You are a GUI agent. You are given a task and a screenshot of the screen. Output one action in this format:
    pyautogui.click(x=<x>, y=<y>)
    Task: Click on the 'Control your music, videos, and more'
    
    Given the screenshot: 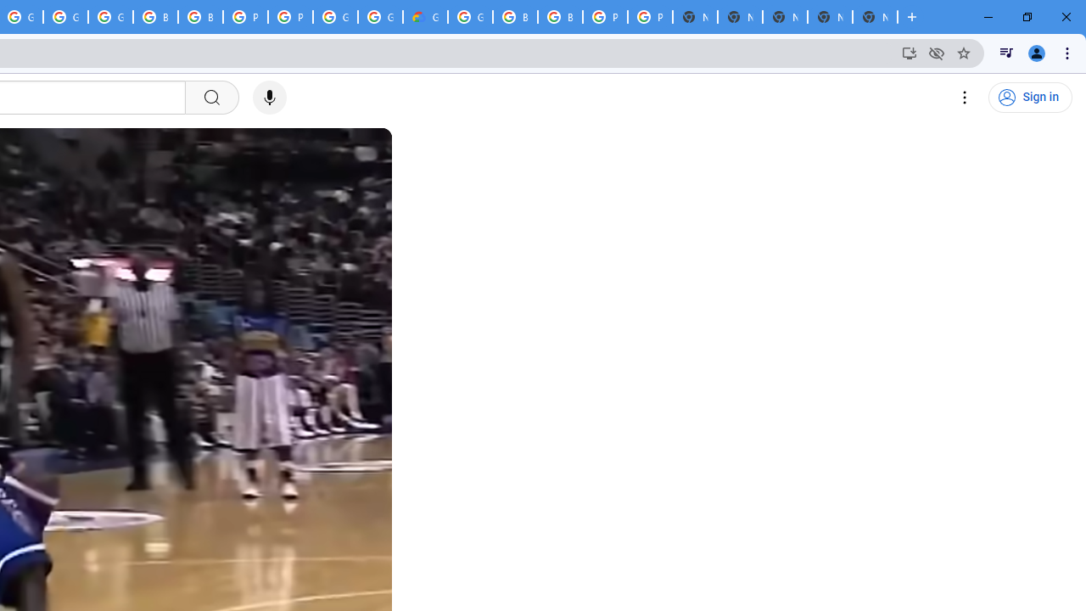 What is the action you would take?
    pyautogui.click(x=1005, y=52)
    